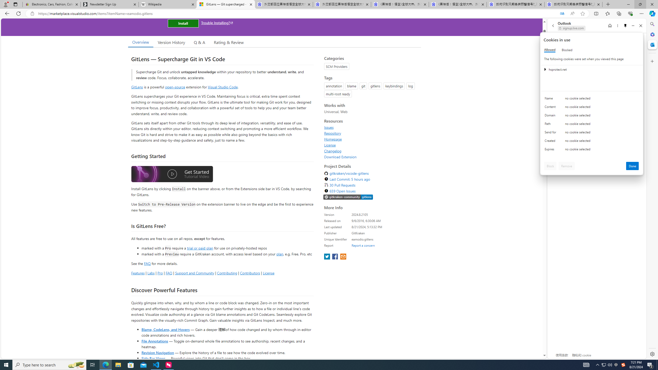 This screenshot has width=658, height=370. I want to click on 'Send for', so click(551, 133).